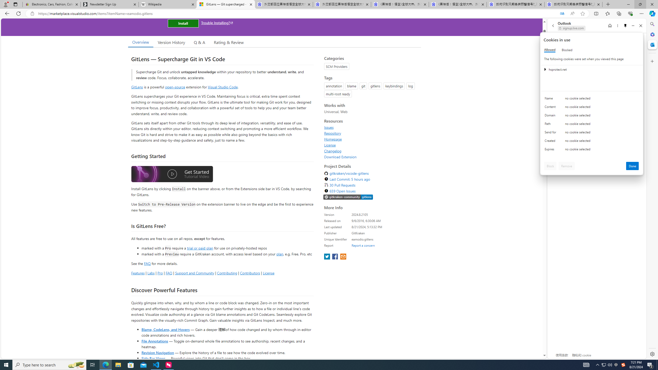 This screenshot has width=658, height=370. I want to click on 'Send for', so click(551, 133).